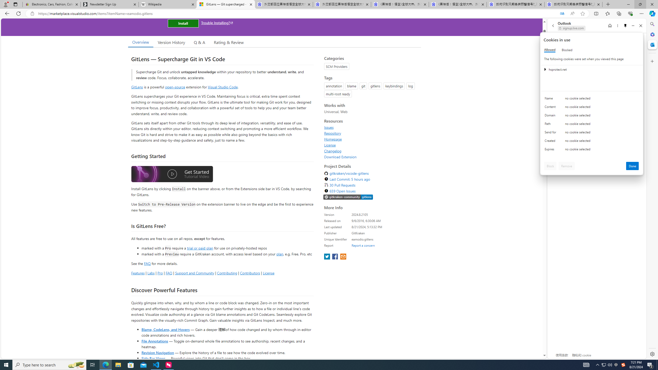 This screenshot has width=658, height=370. I want to click on 'Send for', so click(551, 133).